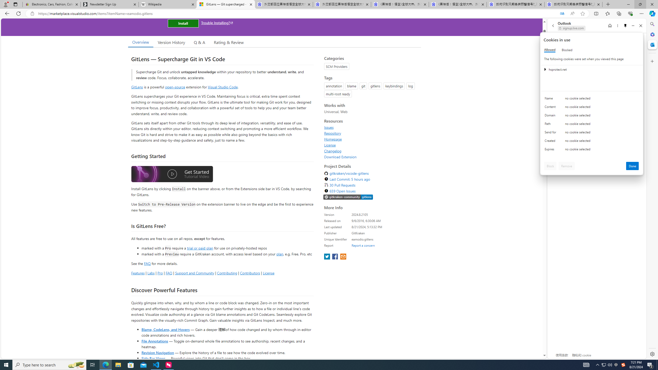 This screenshot has width=658, height=370. I want to click on 'Send for', so click(551, 133).